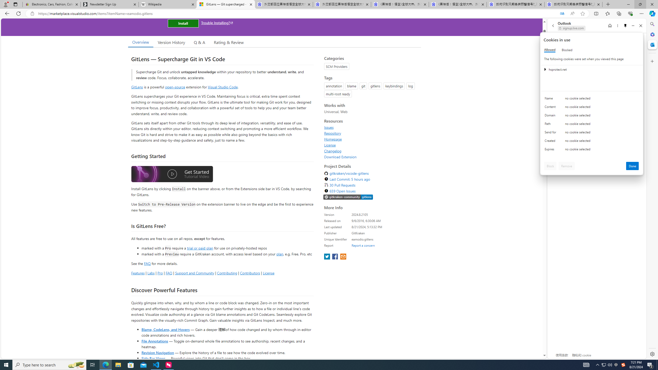 This screenshot has width=658, height=370. I want to click on 'Send for', so click(551, 133).